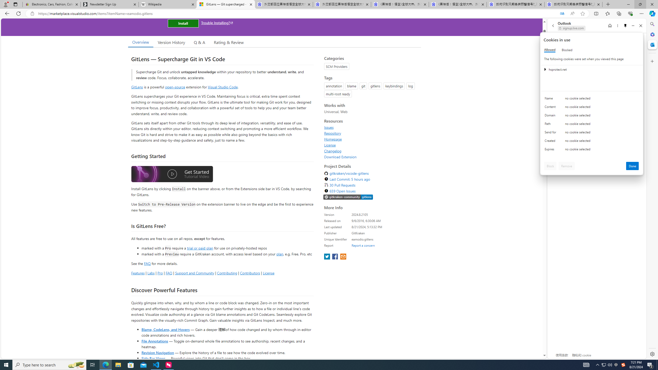 This screenshot has width=658, height=370. I want to click on 'Send for', so click(551, 133).